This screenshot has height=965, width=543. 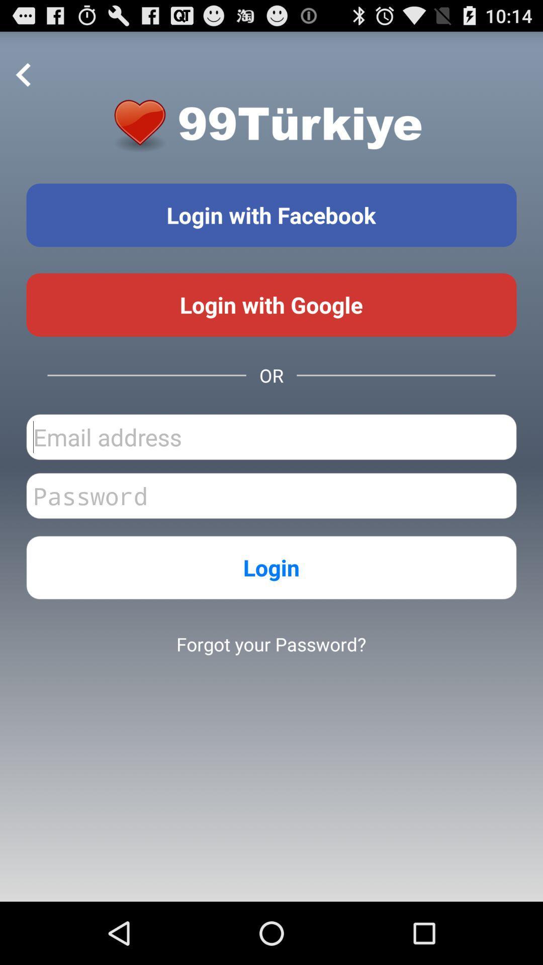 What do you see at coordinates (271, 304) in the screenshot?
I see `login with google` at bounding box center [271, 304].